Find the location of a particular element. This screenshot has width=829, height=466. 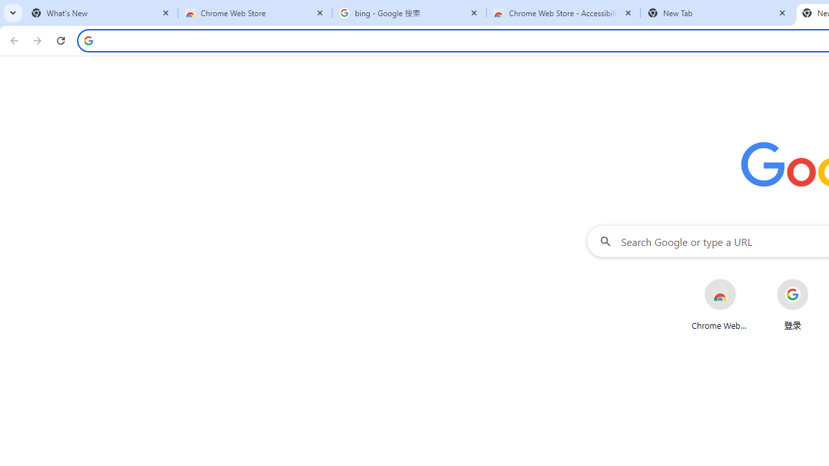

'New Tab' is located at coordinates (717, 13).